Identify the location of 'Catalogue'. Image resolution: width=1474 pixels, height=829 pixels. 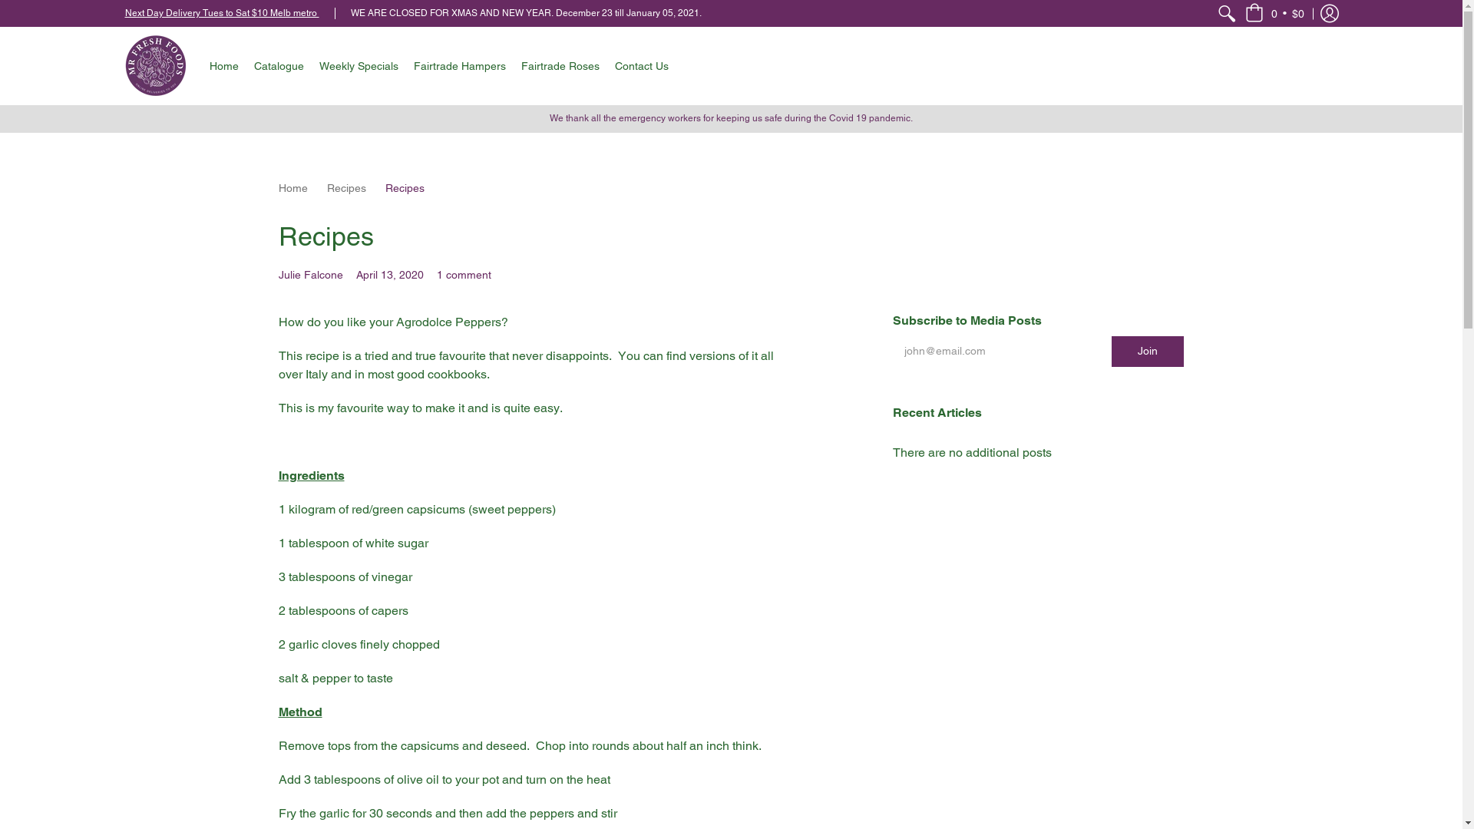
(278, 64).